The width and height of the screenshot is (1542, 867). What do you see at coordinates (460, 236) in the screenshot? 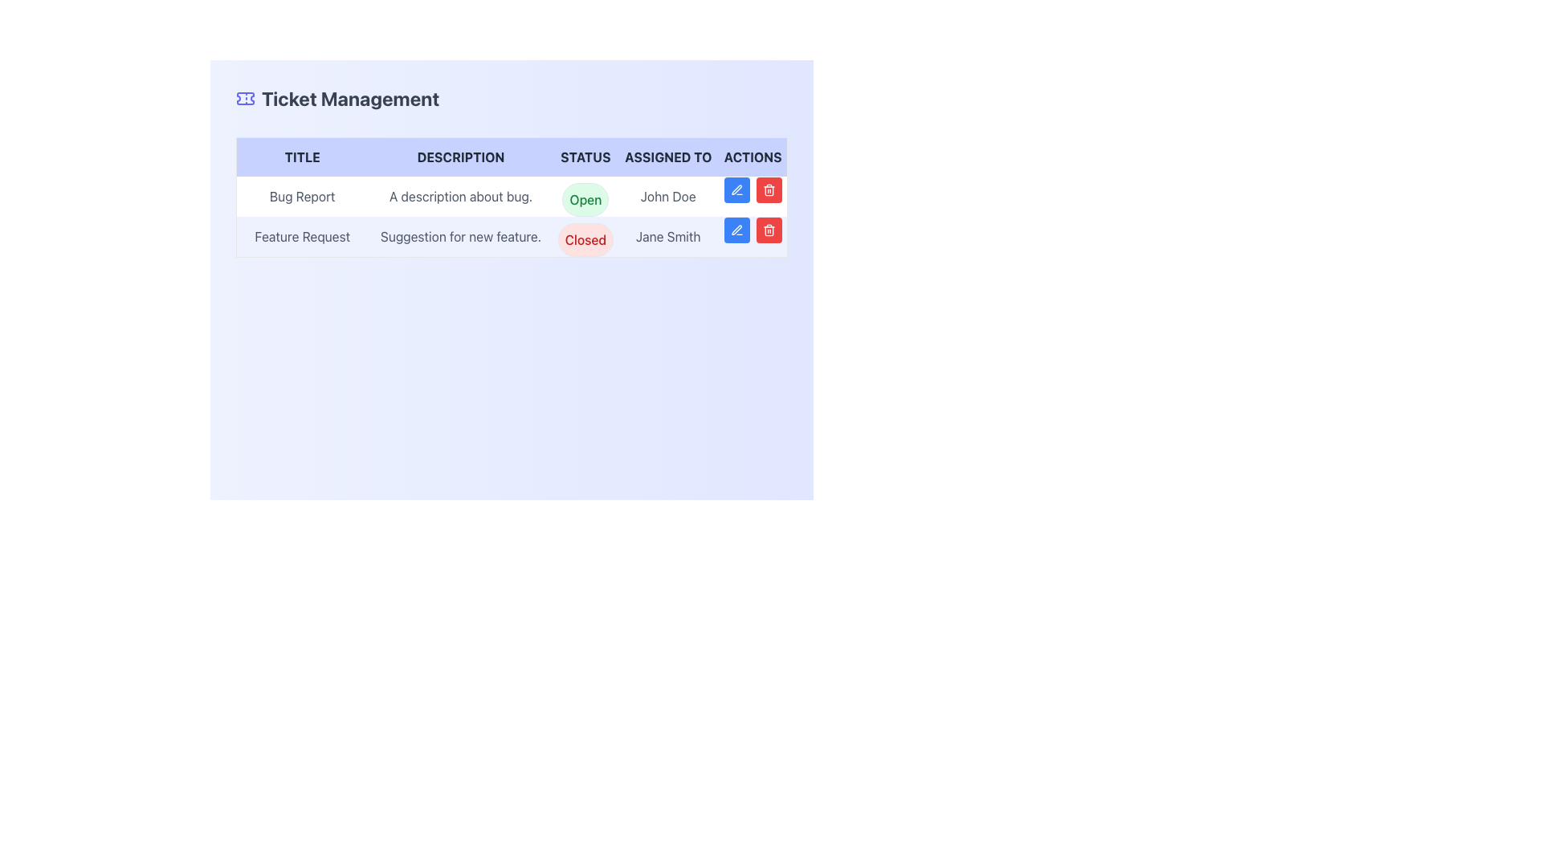
I see `the text element that provides a summary of the feature suggestion, located in the DESCRIPTION column of the table, aligned with 'Feature Request' under the TITLE column and 'Closed' status with 'Jane Smith'` at bounding box center [460, 236].